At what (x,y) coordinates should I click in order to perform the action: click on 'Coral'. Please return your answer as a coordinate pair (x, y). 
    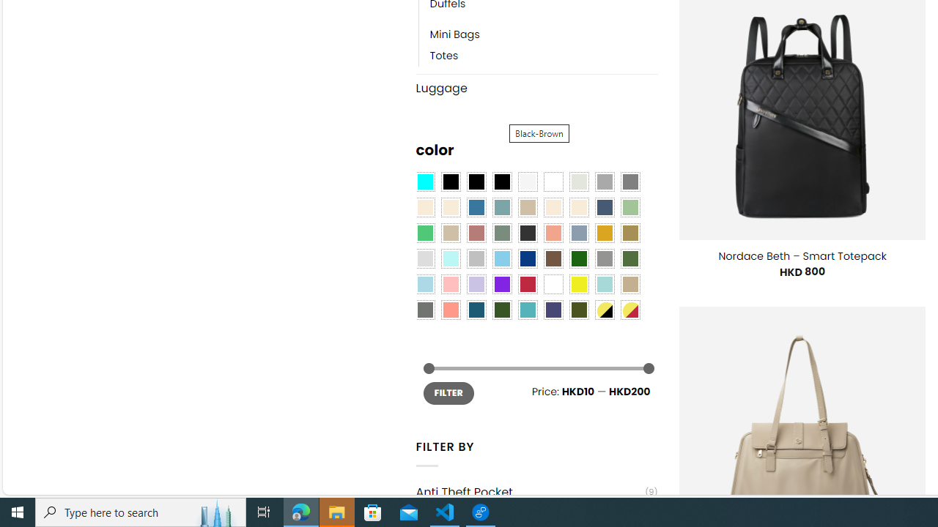
    Looking at the image, I should click on (553, 232).